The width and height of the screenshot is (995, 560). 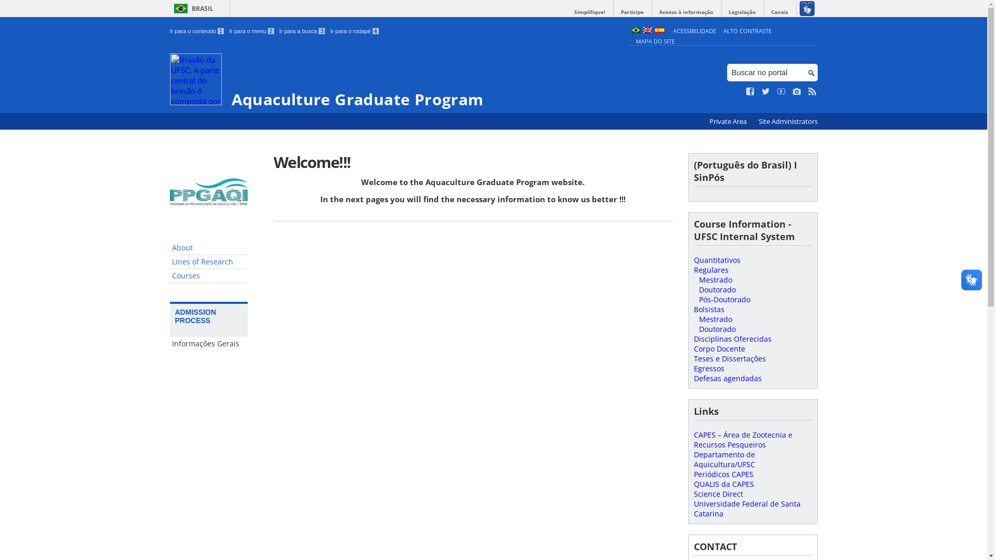 What do you see at coordinates (716, 289) in the screenshot?
I see `'Doutorado'` at bounding box center [716, 289].